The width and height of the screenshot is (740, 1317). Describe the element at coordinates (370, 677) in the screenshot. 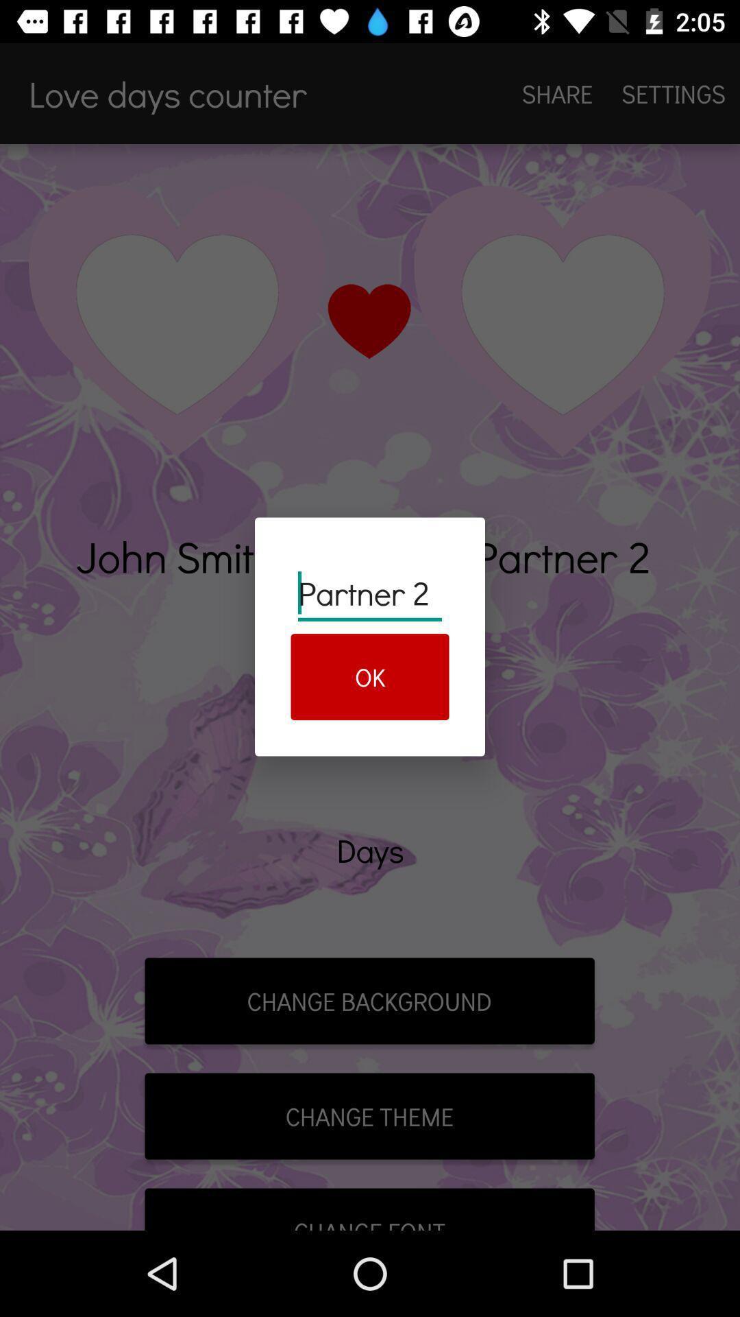

I see `the ok item` at that location.